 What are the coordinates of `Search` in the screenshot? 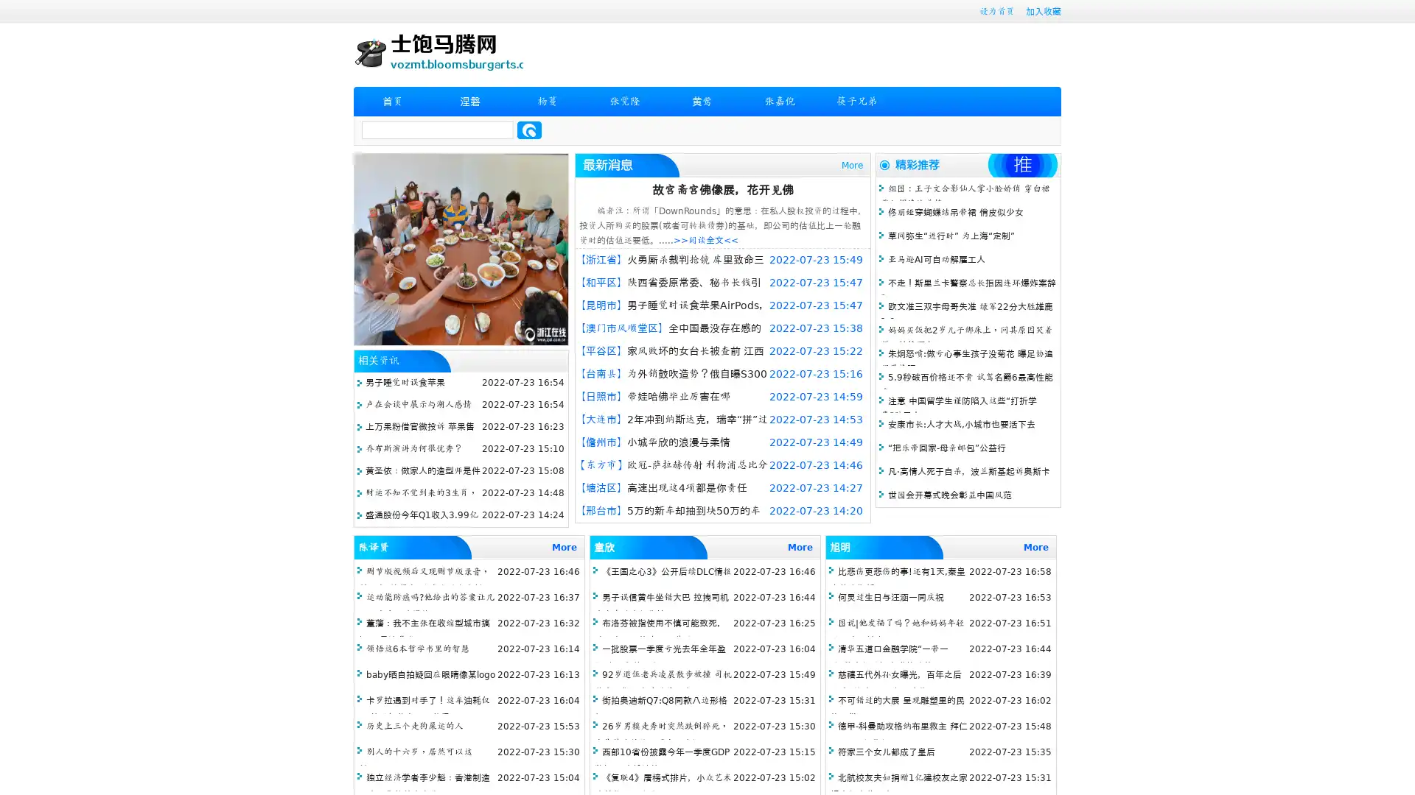 It's located at (529, 130).